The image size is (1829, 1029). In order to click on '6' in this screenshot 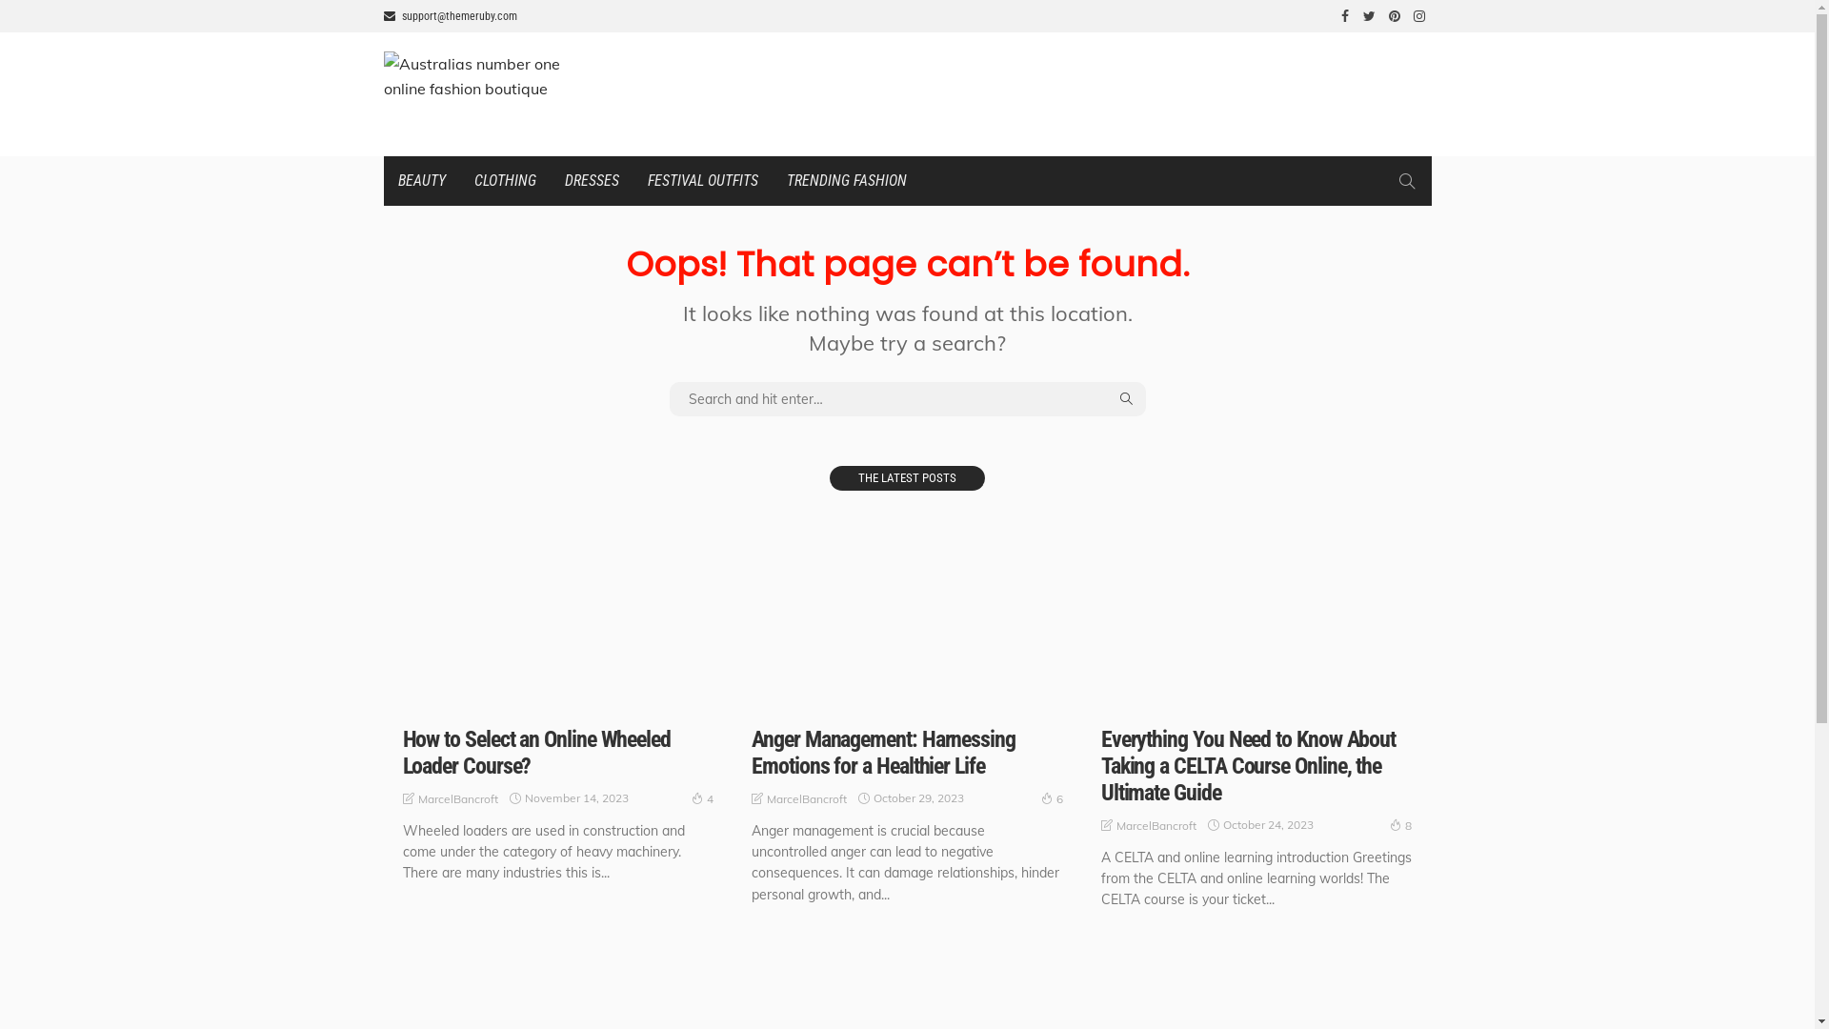, I will do `click(1040, 798)`.